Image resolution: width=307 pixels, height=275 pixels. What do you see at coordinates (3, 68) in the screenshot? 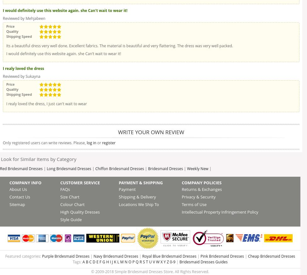
I see `'I realy loved the dress'` at bounding box center [3, 68].